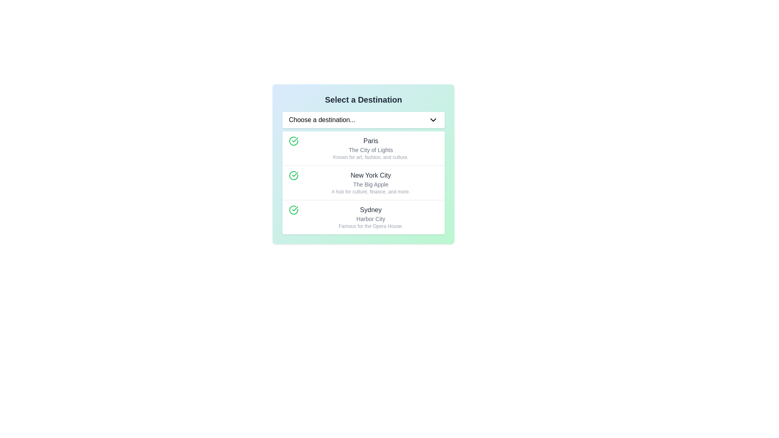 The image size is (779, 438). Describe the element at coordinates (293, 209) in the screenshot. I see `the selection indicator icon for the 'Sydney' destination, which is located to the left of the title in the third entry of the destination list` at that location.